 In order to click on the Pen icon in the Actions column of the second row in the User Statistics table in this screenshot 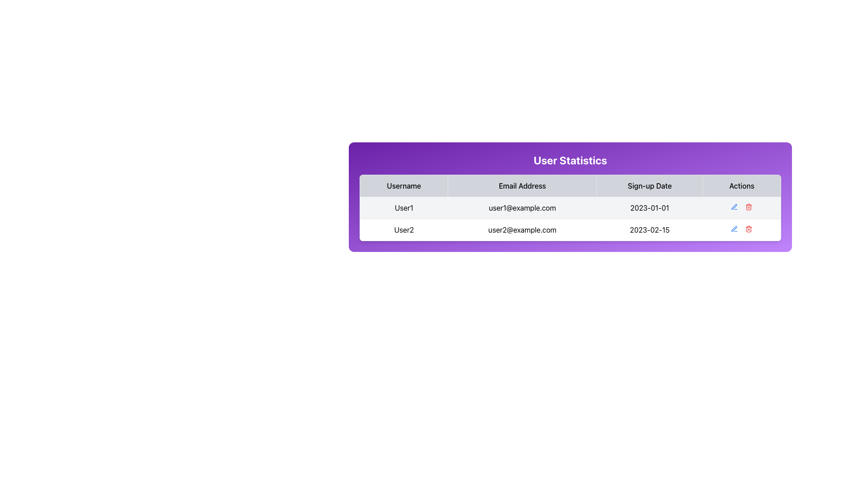, I will do `click(734, 228)`.